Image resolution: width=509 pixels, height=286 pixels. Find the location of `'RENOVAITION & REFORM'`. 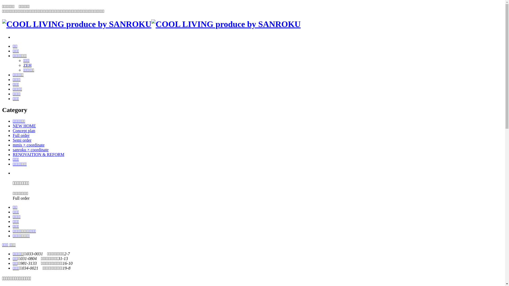

'RENOVAITION & REFORM' is located at coordinates (38, 154).